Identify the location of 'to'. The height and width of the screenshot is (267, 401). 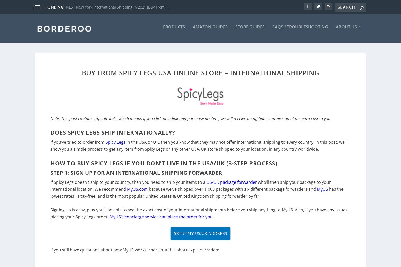
(164, 186).